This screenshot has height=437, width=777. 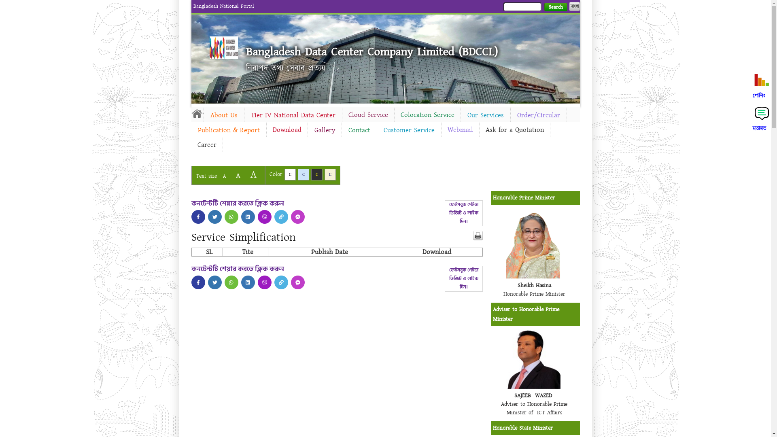 I want to click on 'Publication & Report', so click(x=190, y=129).